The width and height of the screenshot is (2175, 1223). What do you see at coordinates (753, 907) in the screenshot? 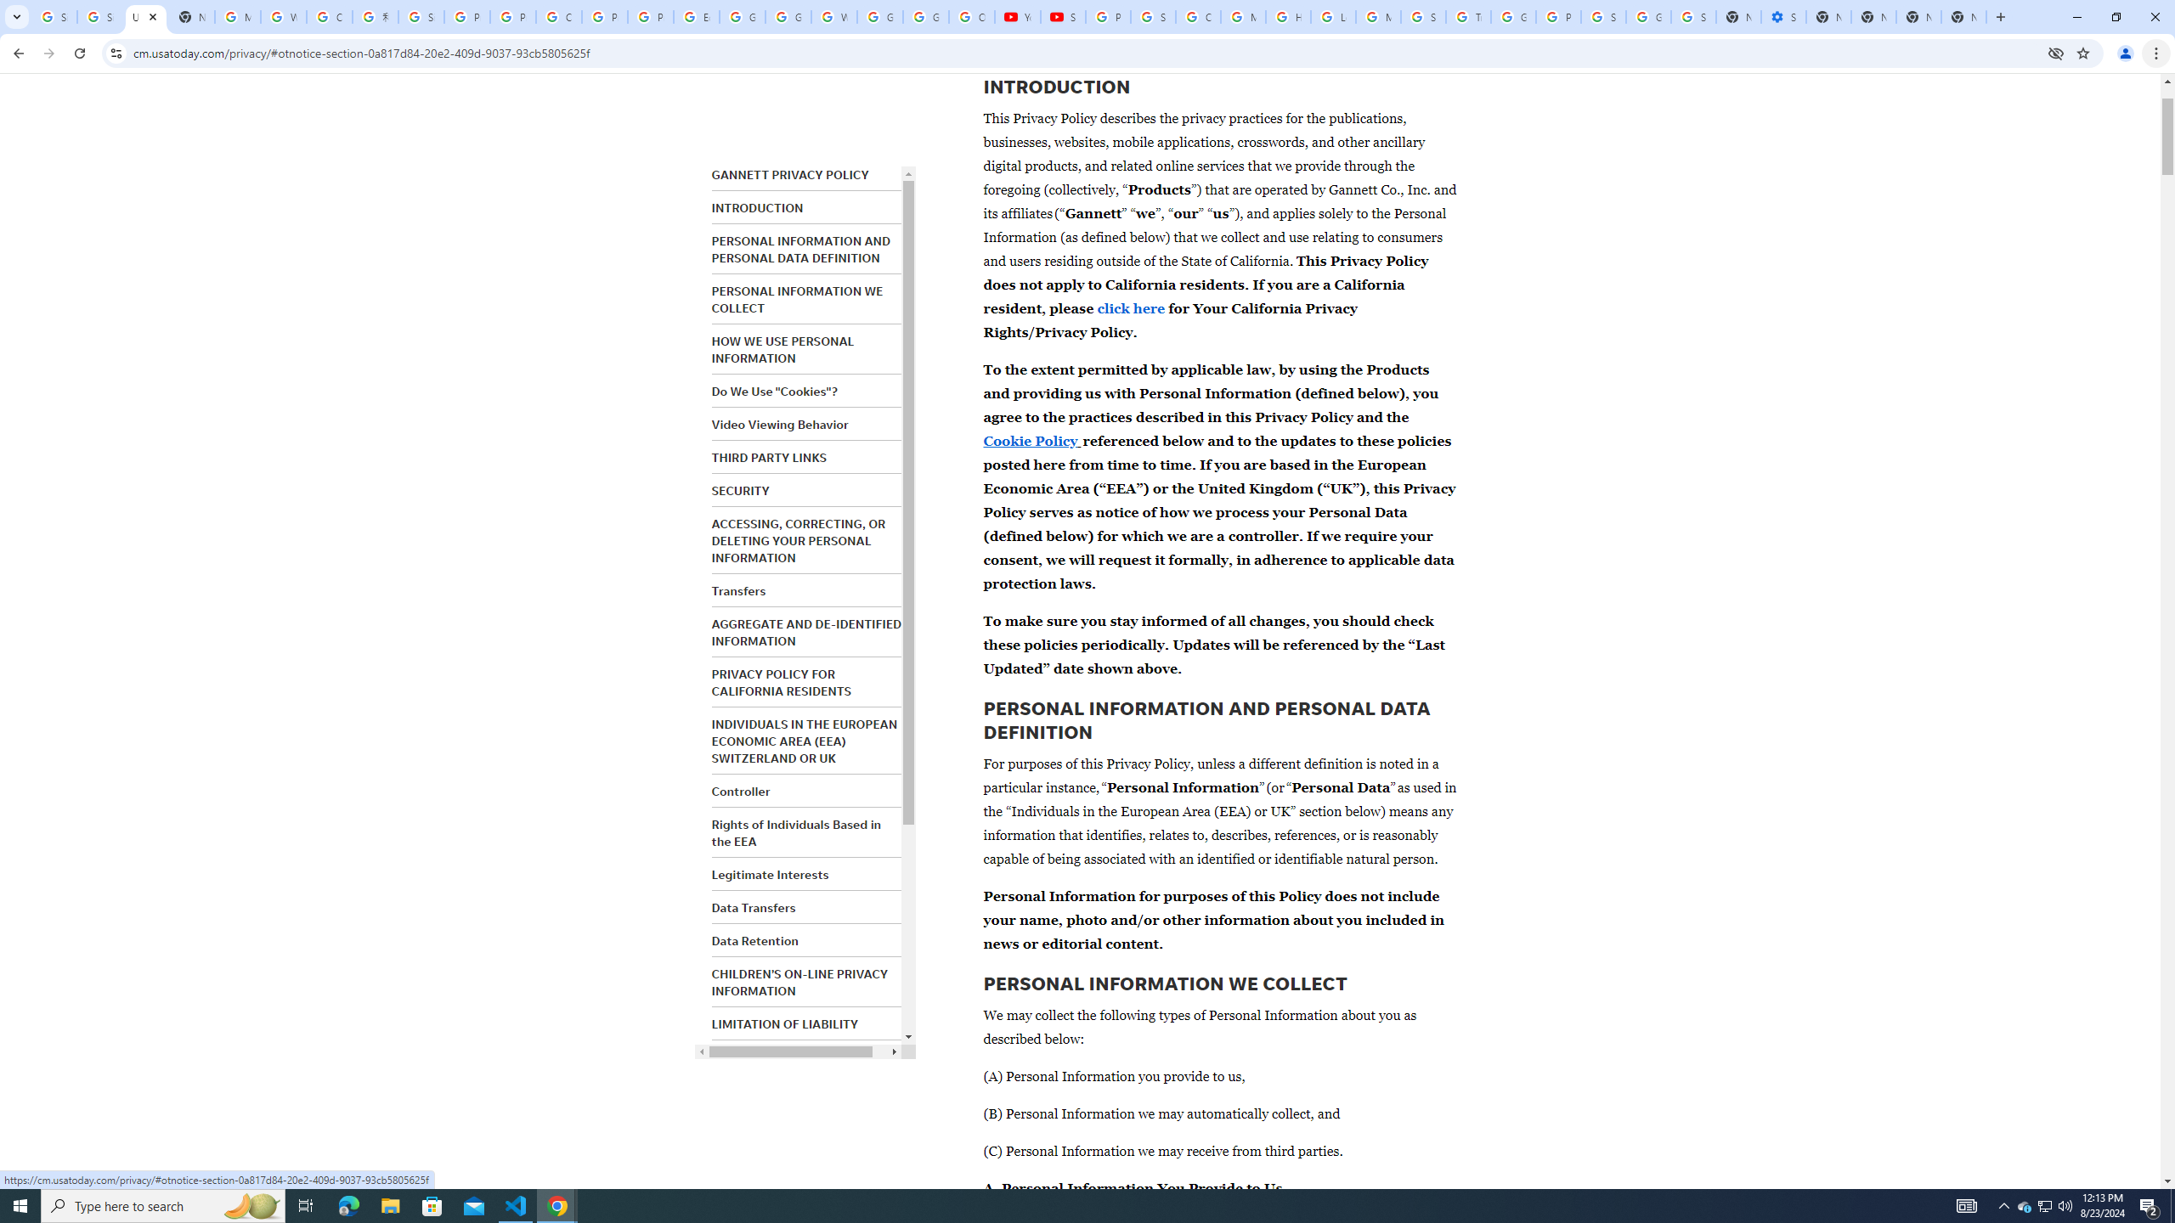
I see `'Data Transfers'` at bounding box center [753, 907].